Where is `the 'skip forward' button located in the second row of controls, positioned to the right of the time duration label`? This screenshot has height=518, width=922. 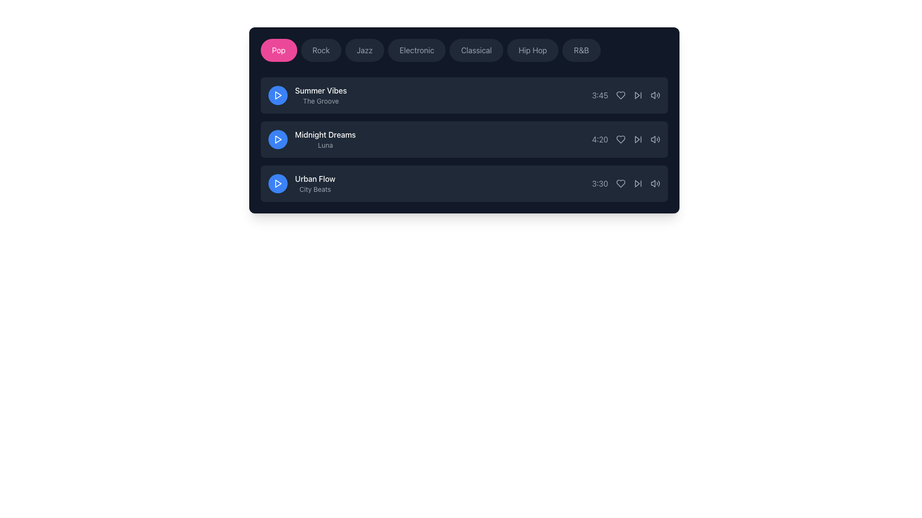 the 'skip forward' button located in the second row of controls, positioned to the right of the time duration label is located at coordinates (637, 95).